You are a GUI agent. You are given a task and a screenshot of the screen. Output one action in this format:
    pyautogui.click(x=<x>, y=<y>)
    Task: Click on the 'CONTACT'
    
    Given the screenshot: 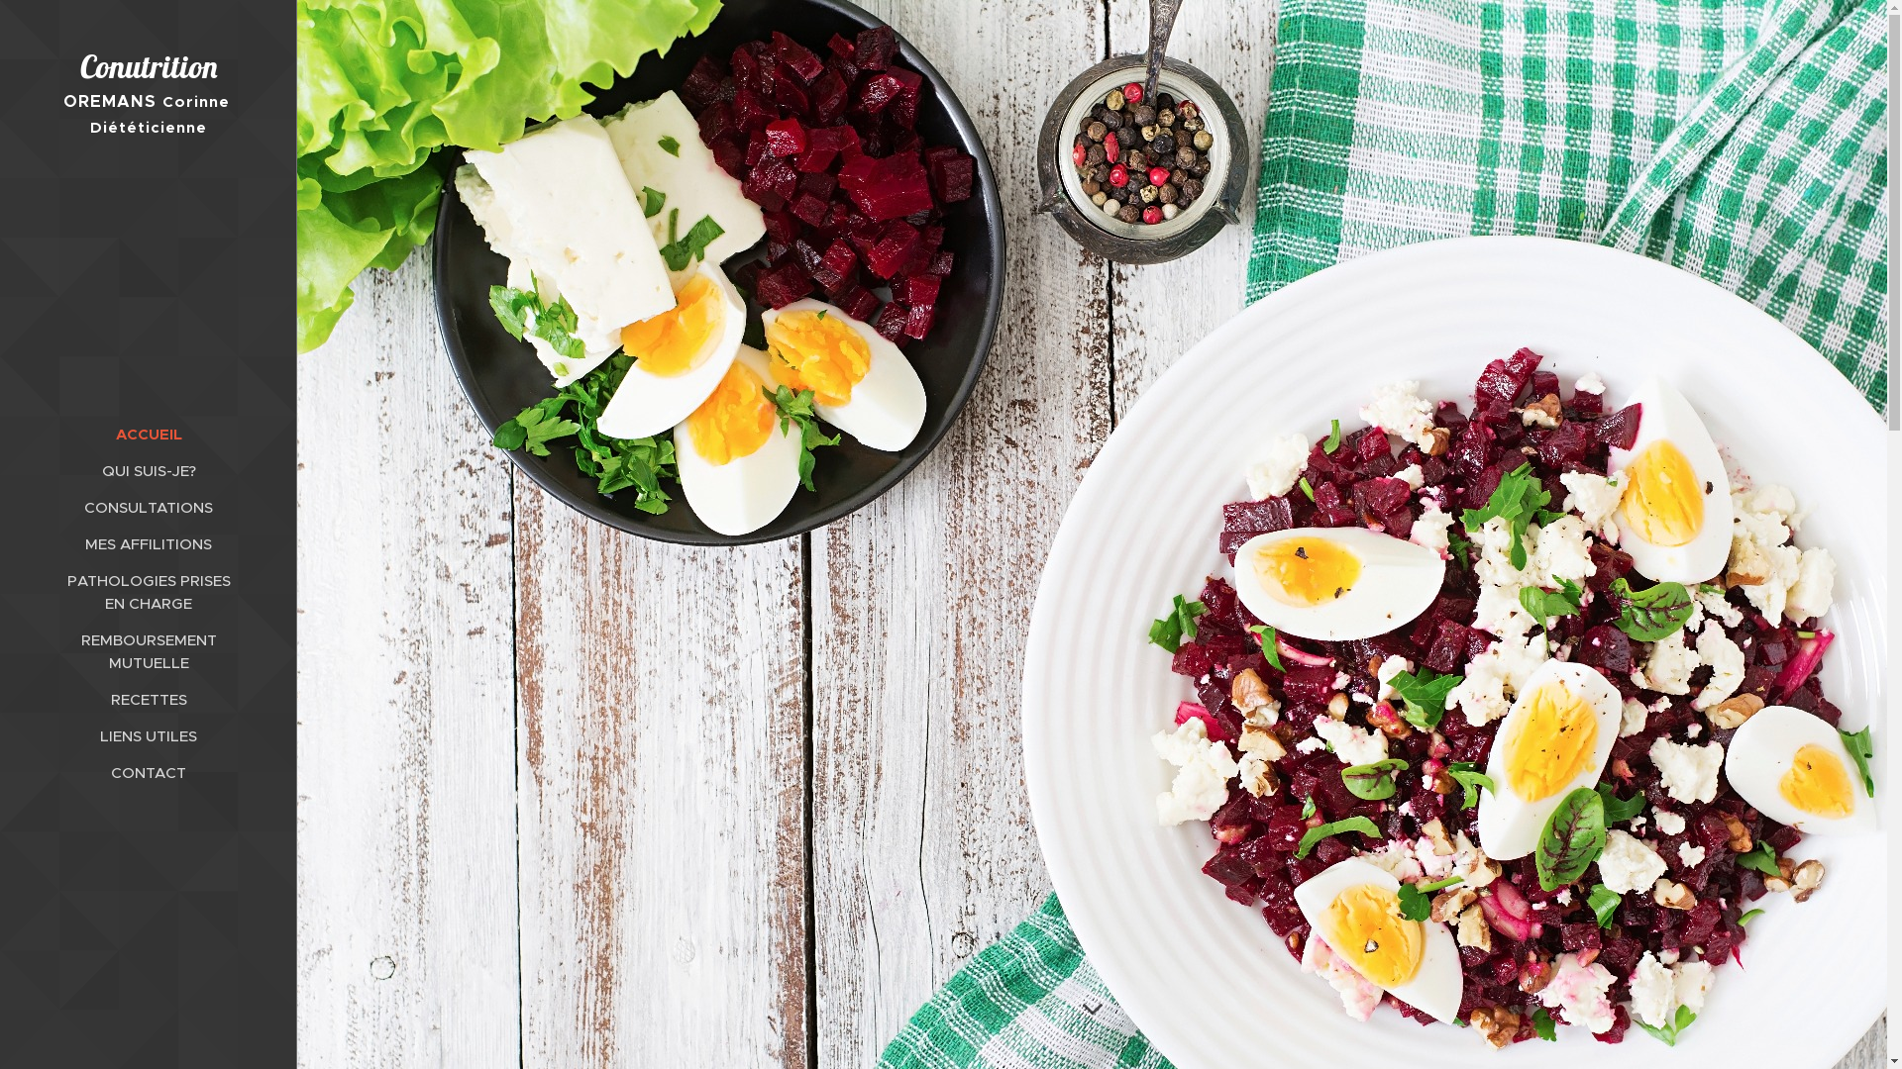 What is the action you would take?
    pyautogui.click(x=5, y=771)
    